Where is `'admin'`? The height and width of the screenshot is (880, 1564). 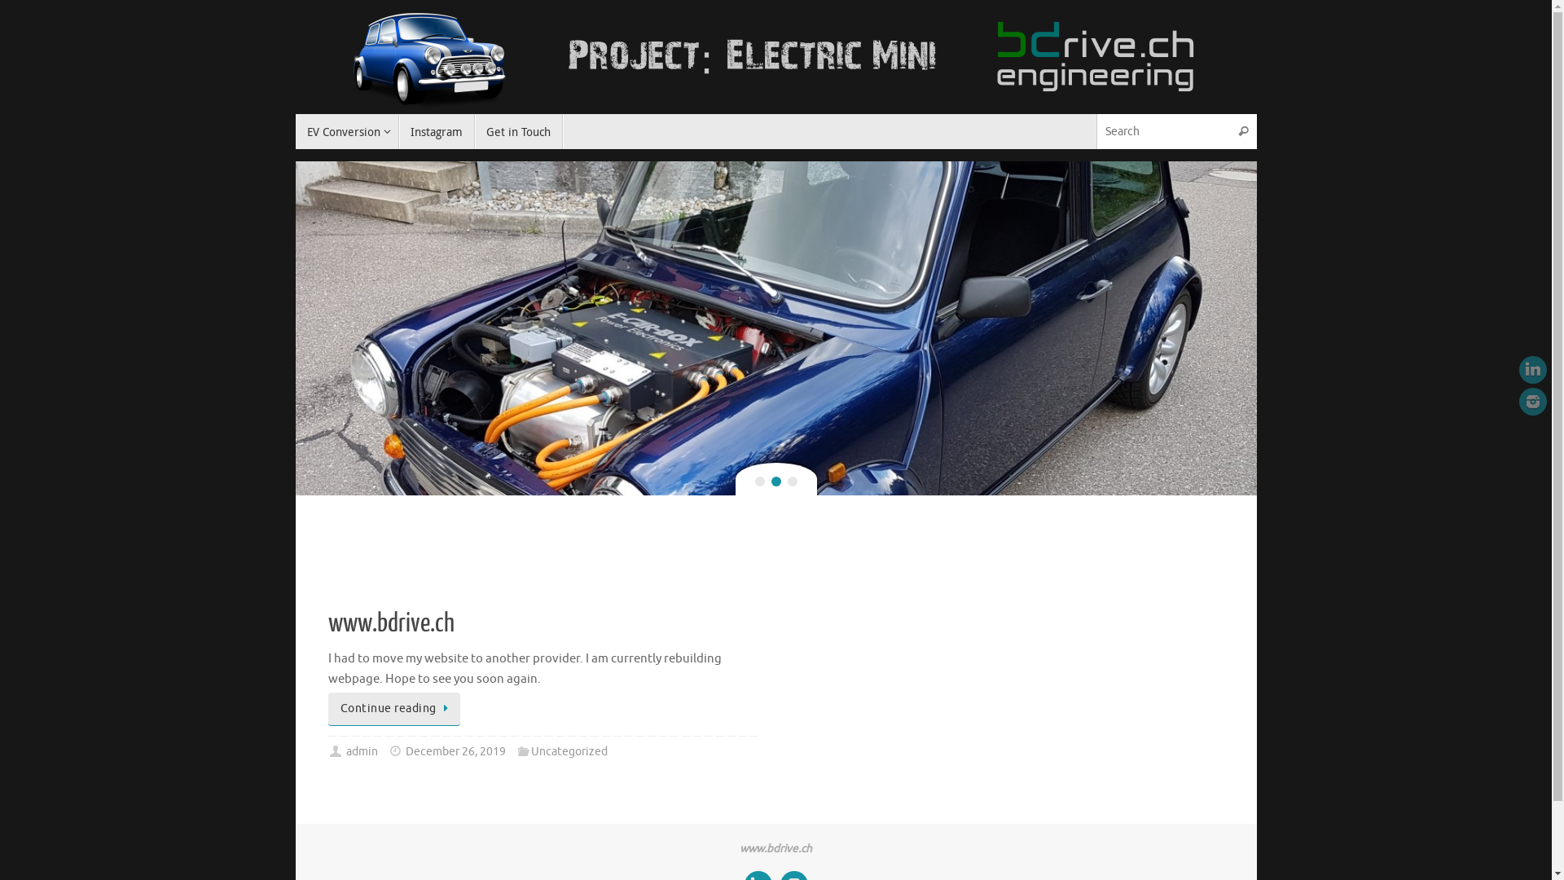
'admin' is located at coordinates (361, 751).